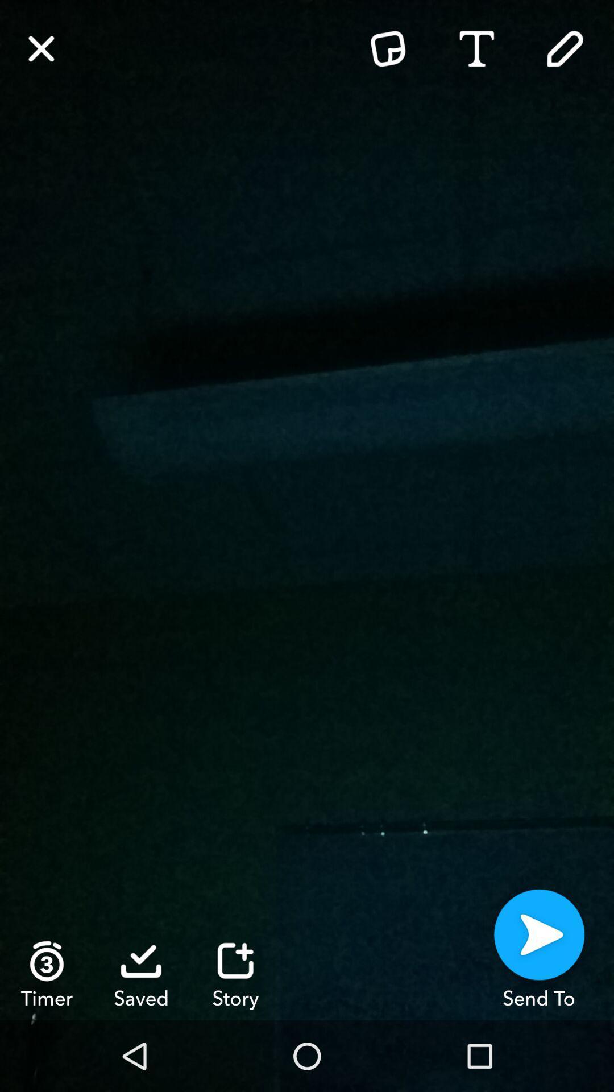 The width and height of the screenshot is (614, 1092). Describe the element at coordinates (140, 957) in the screenshot. I see `the check icon` at that location.